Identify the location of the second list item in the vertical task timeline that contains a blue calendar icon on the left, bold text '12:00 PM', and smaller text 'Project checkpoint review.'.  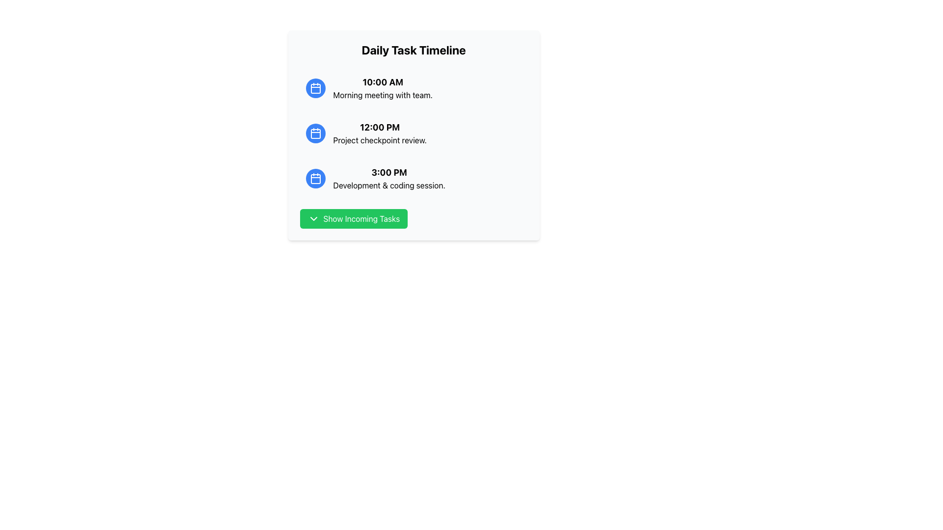
(414, 133).